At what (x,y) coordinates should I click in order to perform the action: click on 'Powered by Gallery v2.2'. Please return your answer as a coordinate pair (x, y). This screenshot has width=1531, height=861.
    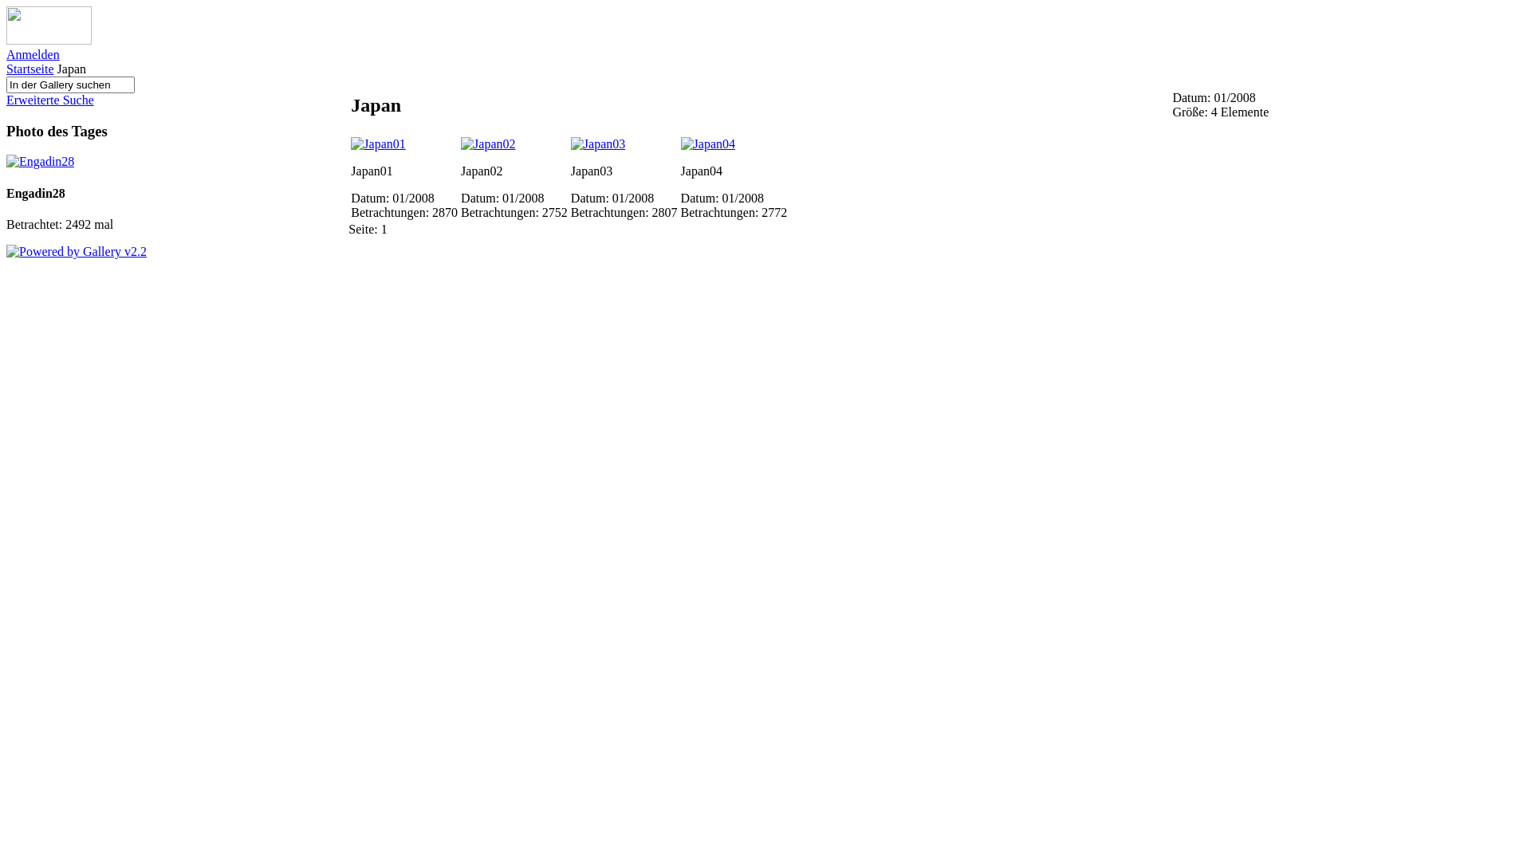
    Looking at the image, I should click on (76, 251).